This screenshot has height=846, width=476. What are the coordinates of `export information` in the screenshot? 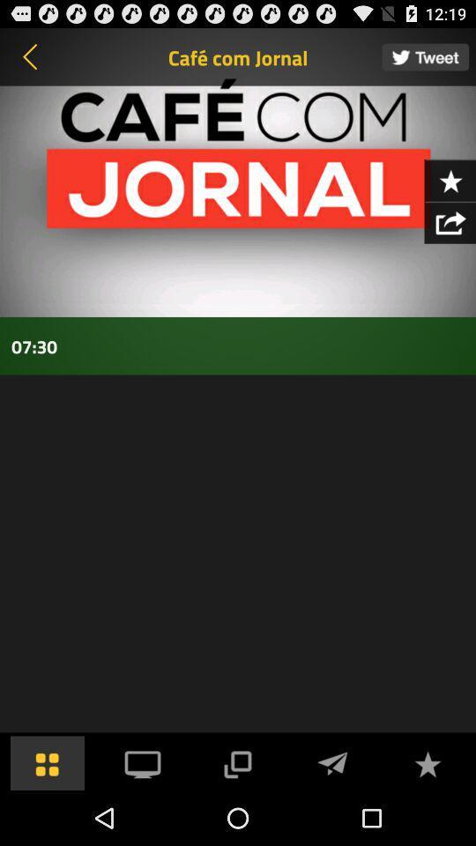 It's located at (450, 221).